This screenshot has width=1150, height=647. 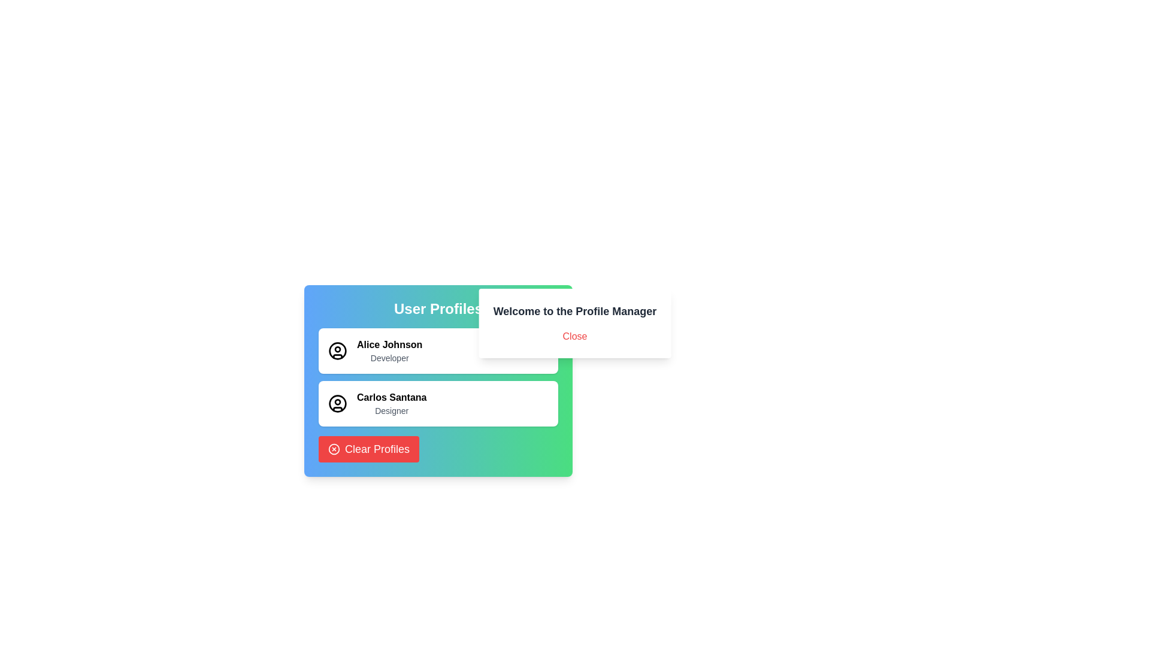 I want to click on the outermost circular part of the profile avatar icon beside 'Carlos Santana.', so click(x=337, y=350).